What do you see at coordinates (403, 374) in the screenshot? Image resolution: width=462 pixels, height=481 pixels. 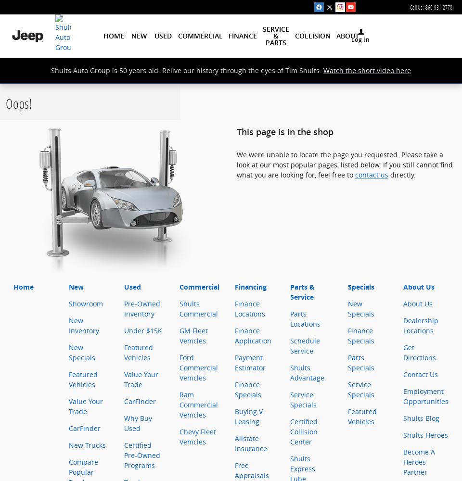 I see `'Contact Us'` at bounding box center [403, 374].